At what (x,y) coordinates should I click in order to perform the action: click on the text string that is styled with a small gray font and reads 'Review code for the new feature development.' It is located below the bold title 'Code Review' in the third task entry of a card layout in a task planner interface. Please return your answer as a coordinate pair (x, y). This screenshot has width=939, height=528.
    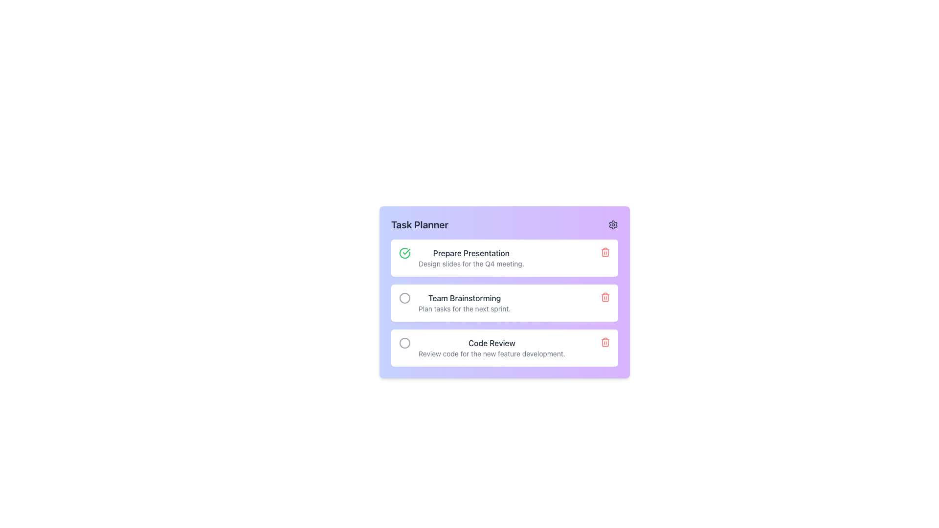
    Looking at the image, I should click on (492, 354).